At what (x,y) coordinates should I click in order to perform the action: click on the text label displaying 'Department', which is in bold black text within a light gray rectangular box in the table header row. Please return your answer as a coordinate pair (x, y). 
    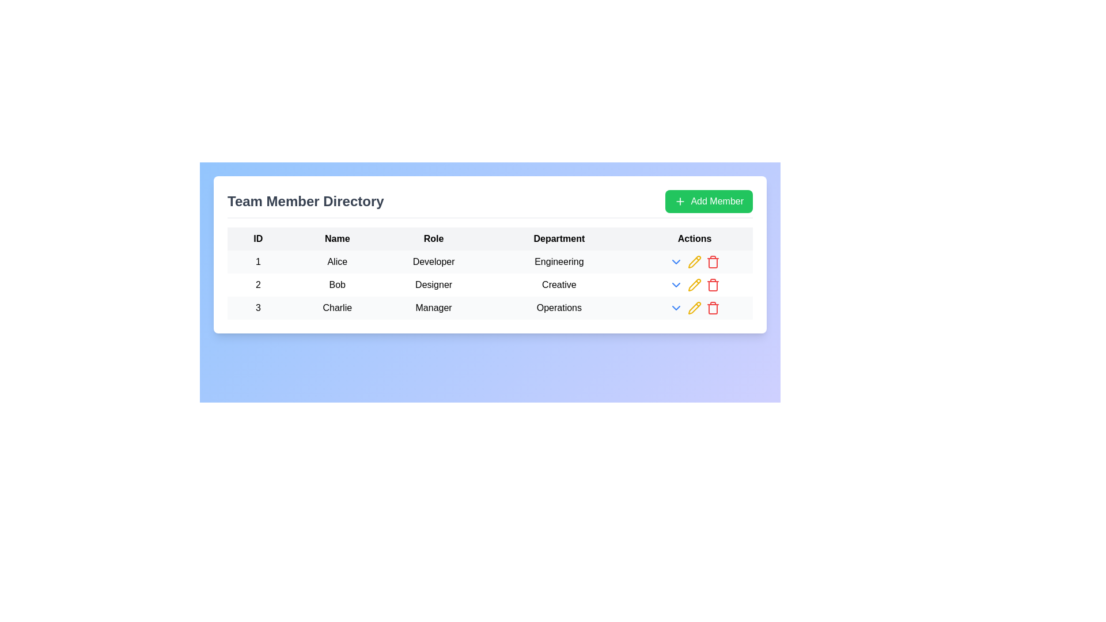
    Looking at the image, I should click on (559, 238).